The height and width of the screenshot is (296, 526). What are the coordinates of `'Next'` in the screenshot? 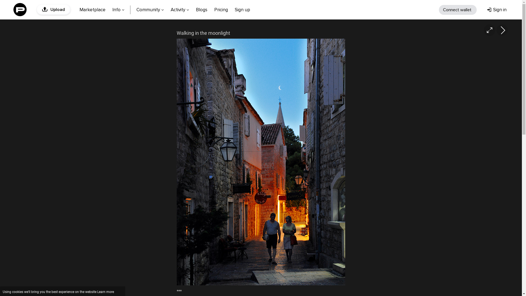 It's located at (502, 30).